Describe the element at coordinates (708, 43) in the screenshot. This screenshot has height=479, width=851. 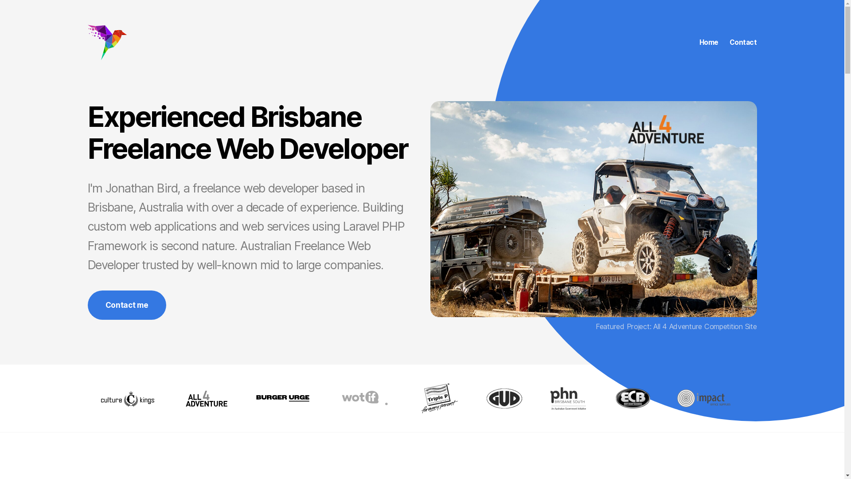
I see `'Home'` at that location.